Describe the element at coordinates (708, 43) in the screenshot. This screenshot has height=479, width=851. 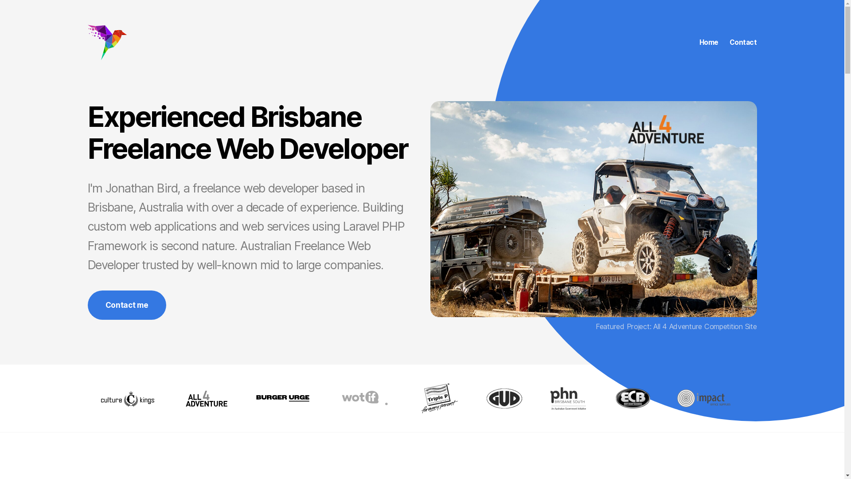
I see `'Home'` at that location.